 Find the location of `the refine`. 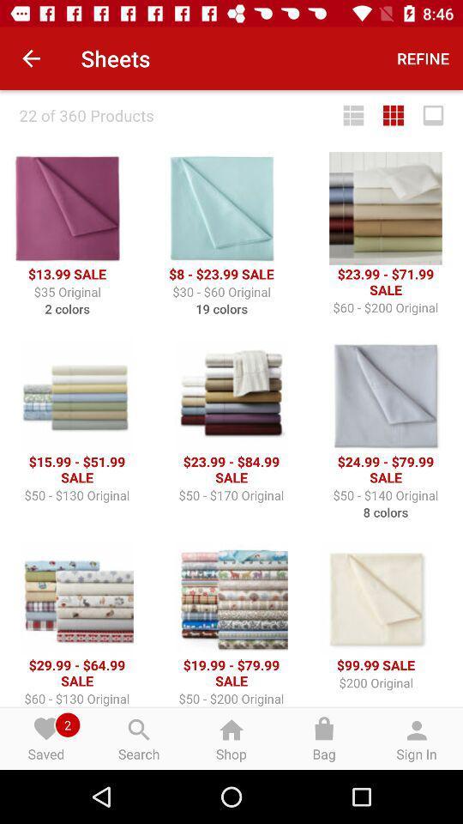

the refine is located at coordinates (422, 58).